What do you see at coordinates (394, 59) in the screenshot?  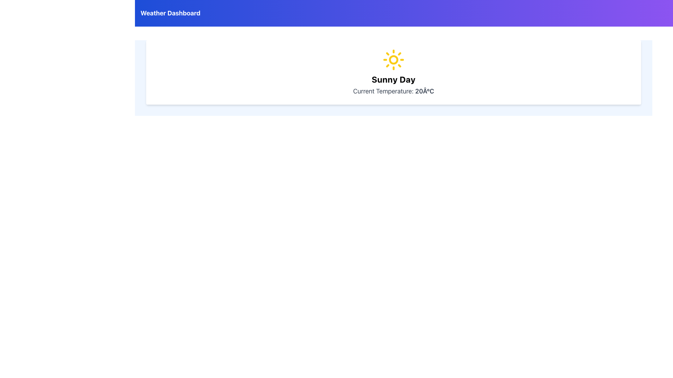 I see `the yellow sun icon located centrally within the weather dashboard section, positioned above the 'Sunny Day' text` at bounding box center [394, 59].